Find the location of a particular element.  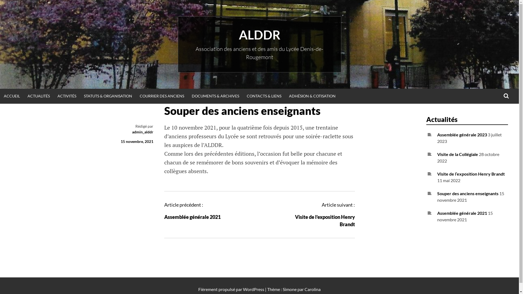

'ACCUEIL' is located at coordinates (12, 96).